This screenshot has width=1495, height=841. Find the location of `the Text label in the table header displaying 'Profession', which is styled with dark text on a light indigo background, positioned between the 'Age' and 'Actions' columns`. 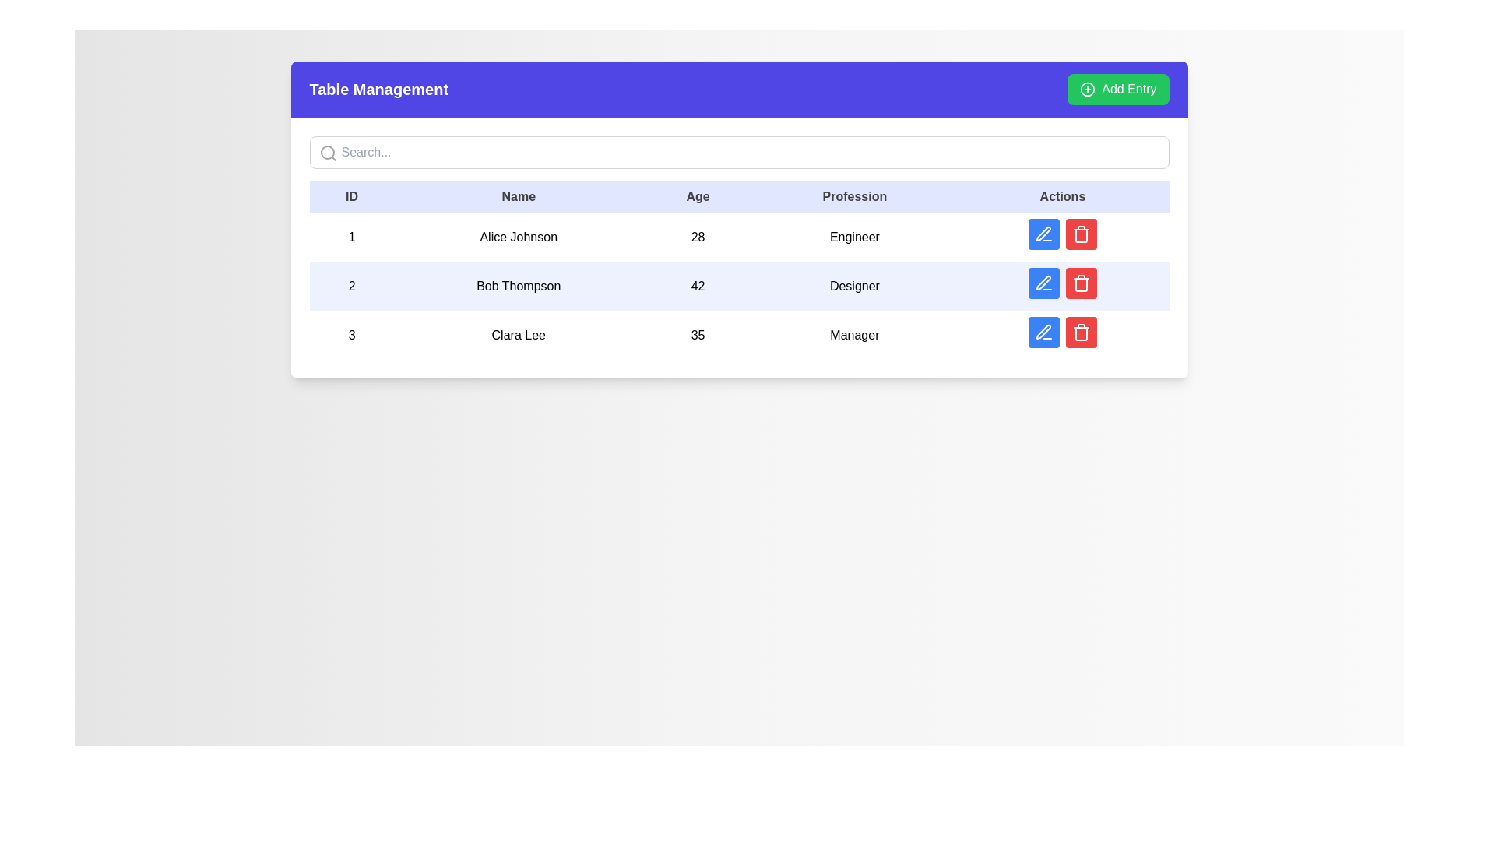

the Text label in the table header displaying 'Profession', which is styled with dark text on a light indigo background, positioned between the 'Age' and 'Actions' columns is located at coordinates (853, 196).